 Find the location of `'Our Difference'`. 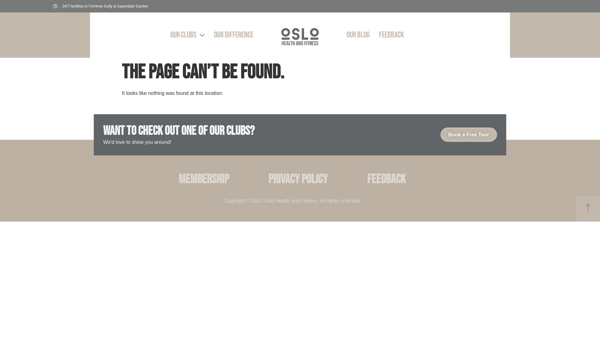

'Our Difference' is located at coordinates (233, 35).